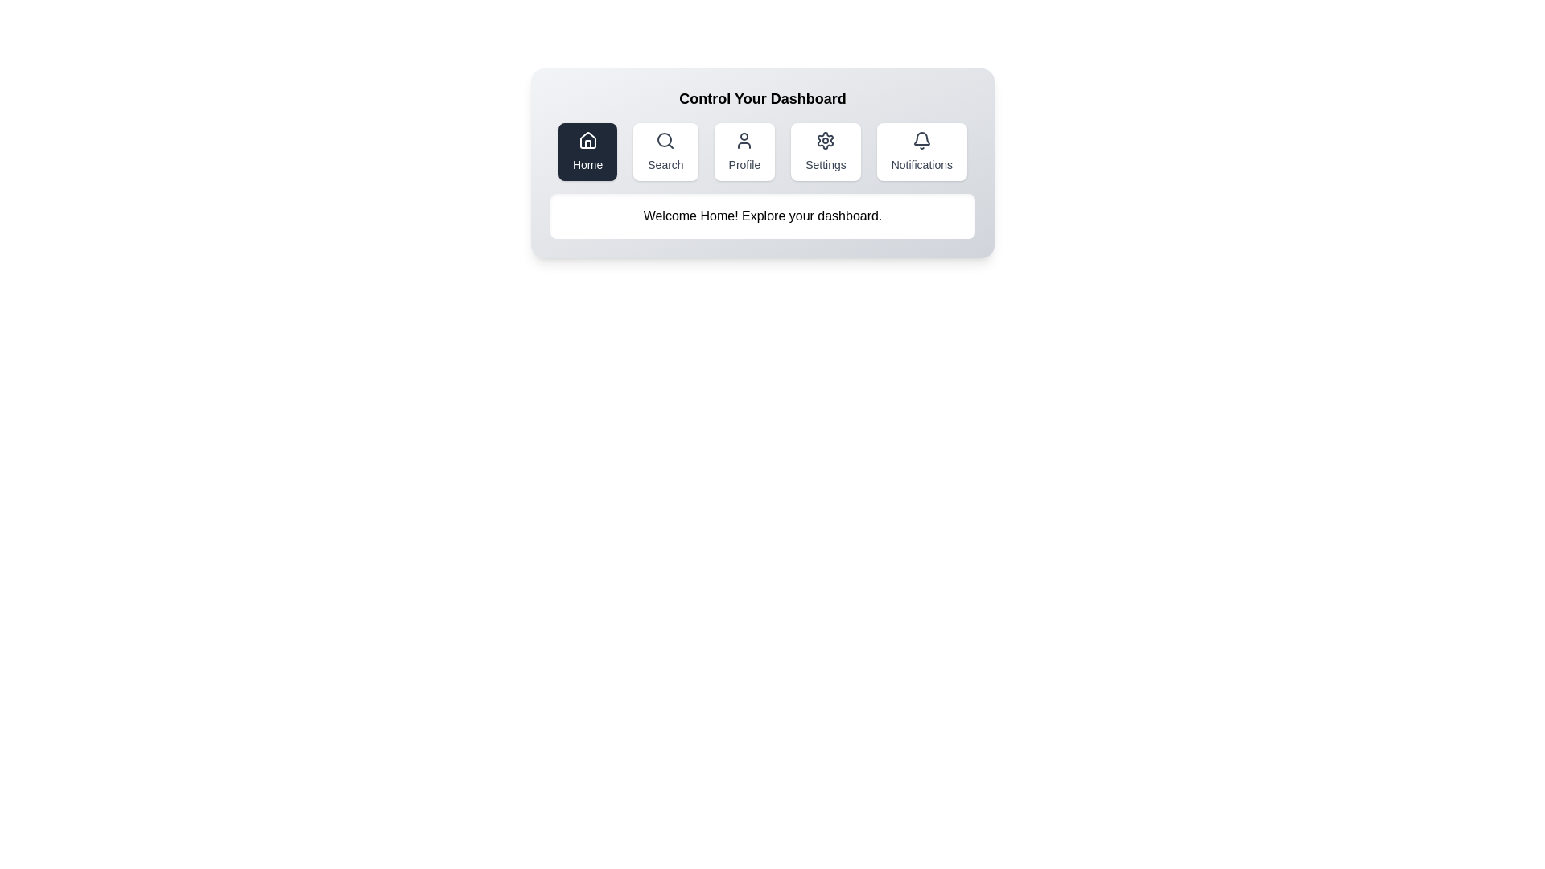 This screenshot has height=869, width=1545. Describe the element at coordinates (744, 164) in the screenshot. I see `the 'Profile' text label within the interactive button that has a medium gray font, white background, and gray border, located in the horizontal toolbar under 'Control Your Dashboard'` at that location.